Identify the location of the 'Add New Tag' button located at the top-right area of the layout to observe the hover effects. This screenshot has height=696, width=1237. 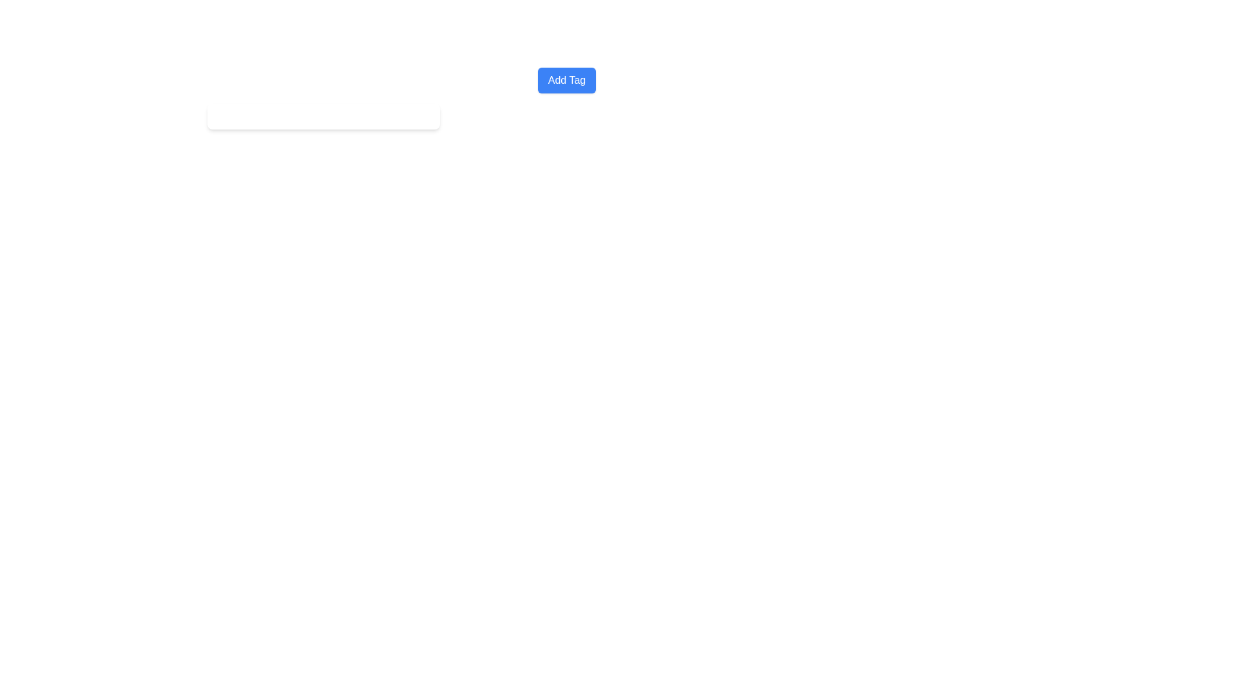
(566, 80).